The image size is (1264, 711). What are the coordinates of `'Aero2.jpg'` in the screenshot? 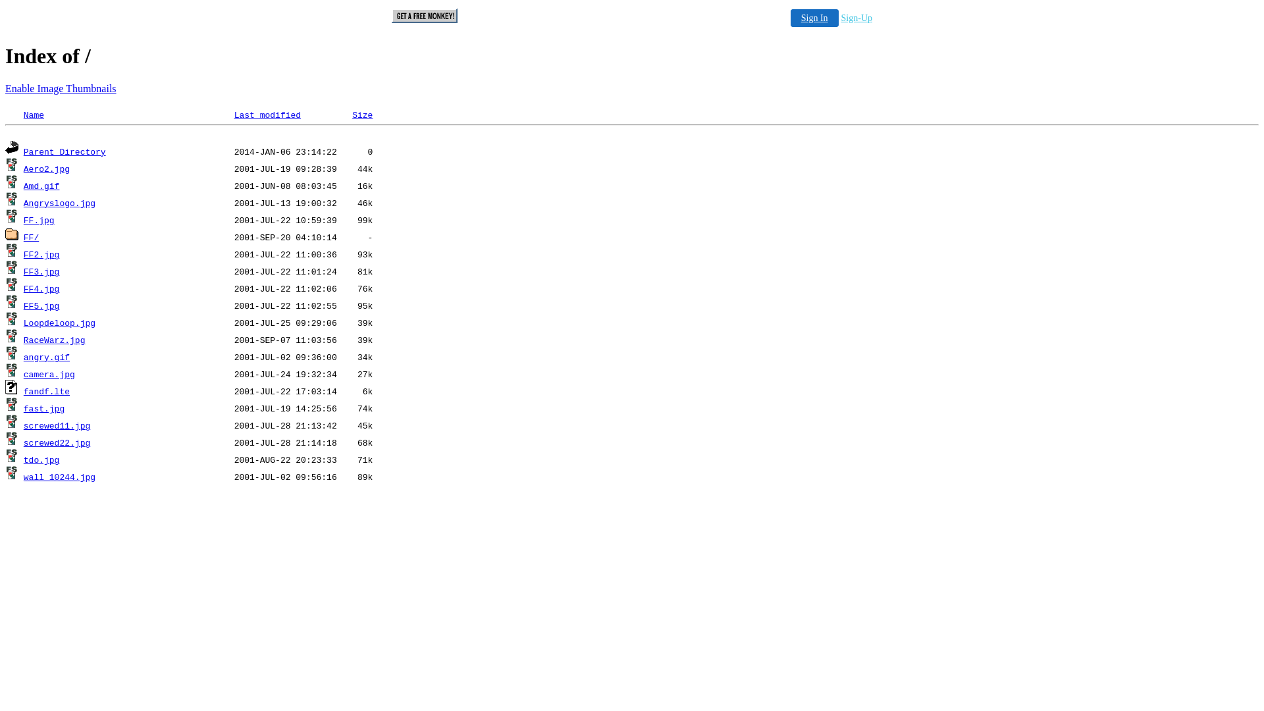 It's located at (47, 169).